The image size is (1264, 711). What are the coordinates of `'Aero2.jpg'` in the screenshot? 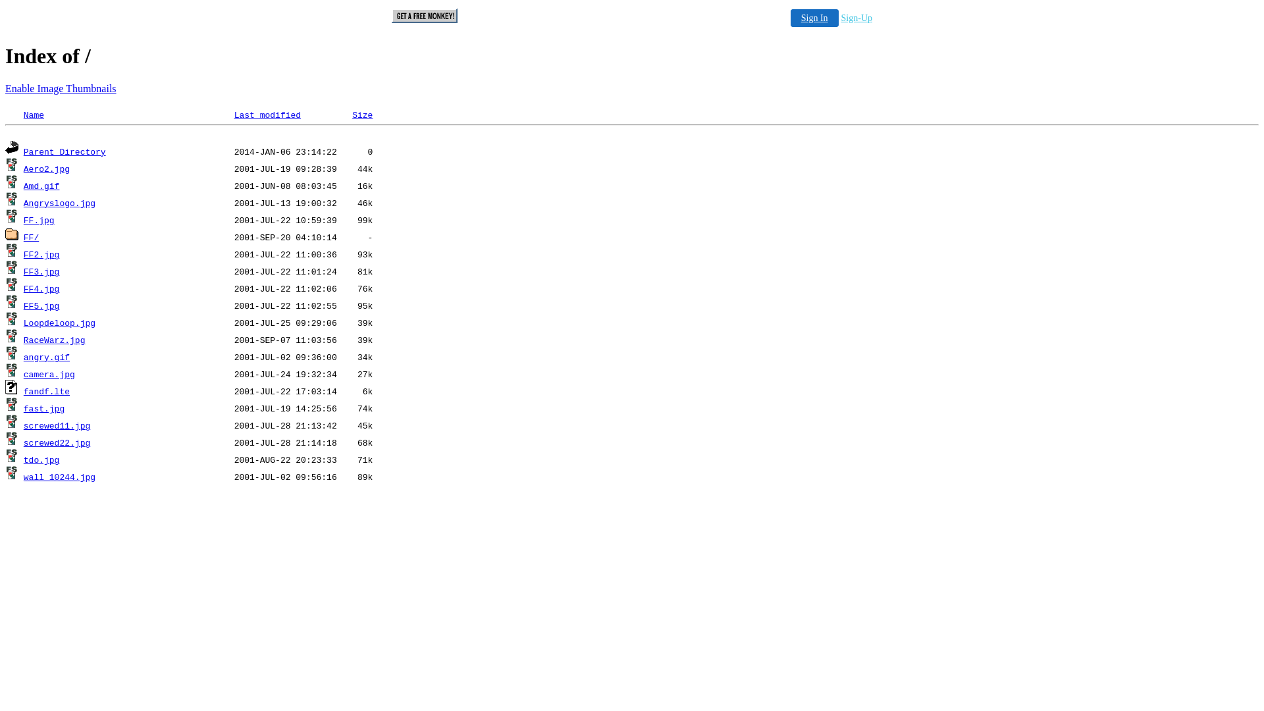 It's located at (47, 169).